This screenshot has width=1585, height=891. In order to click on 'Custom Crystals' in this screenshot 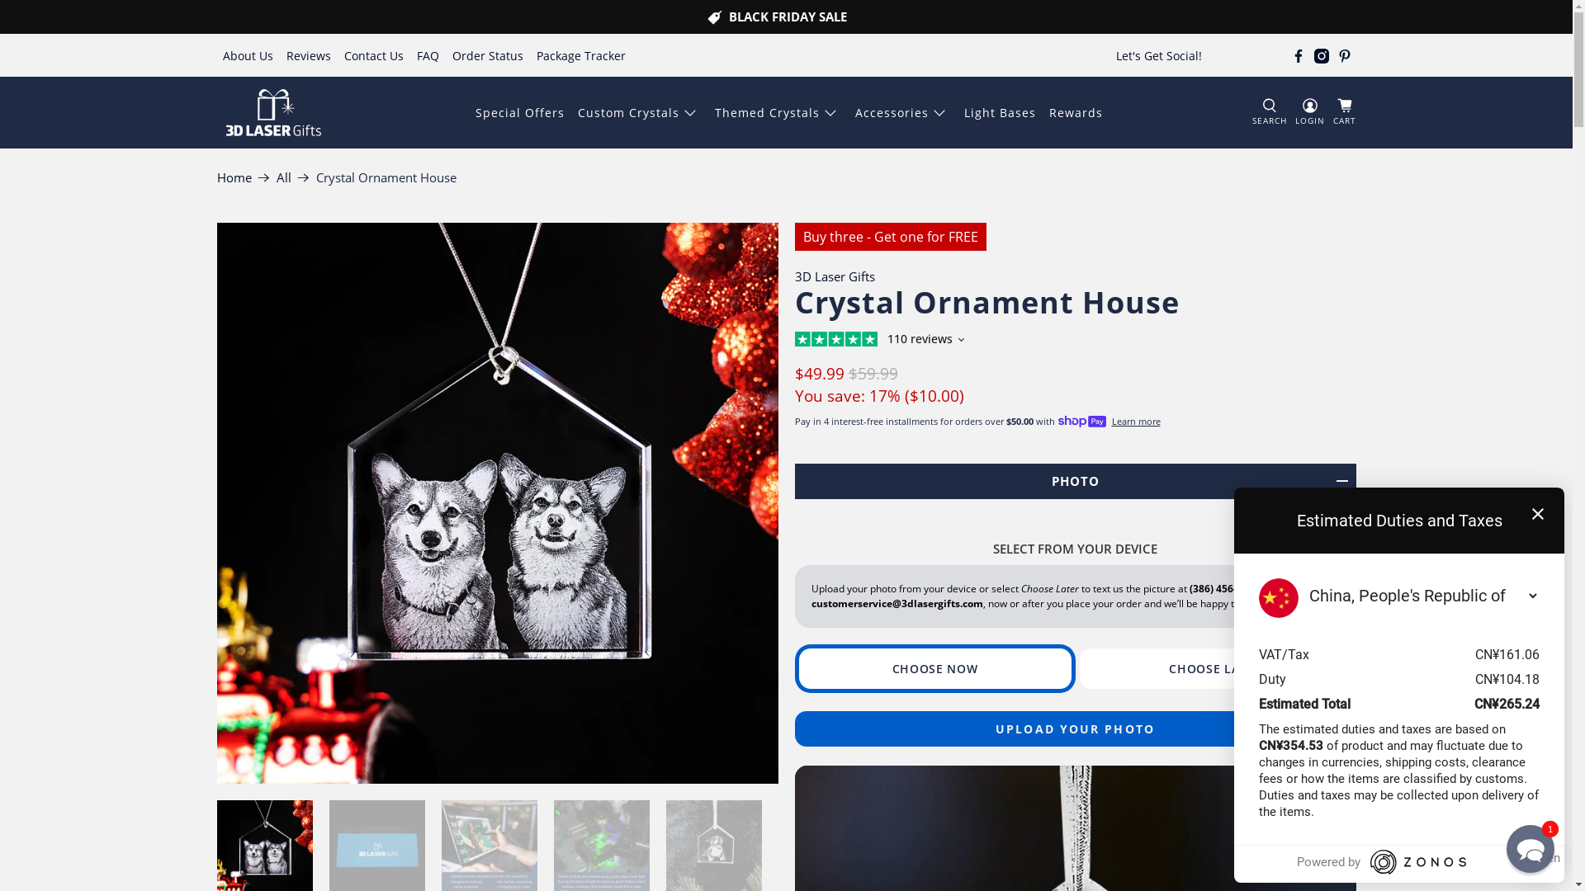, I will do `click(638, 111)`.